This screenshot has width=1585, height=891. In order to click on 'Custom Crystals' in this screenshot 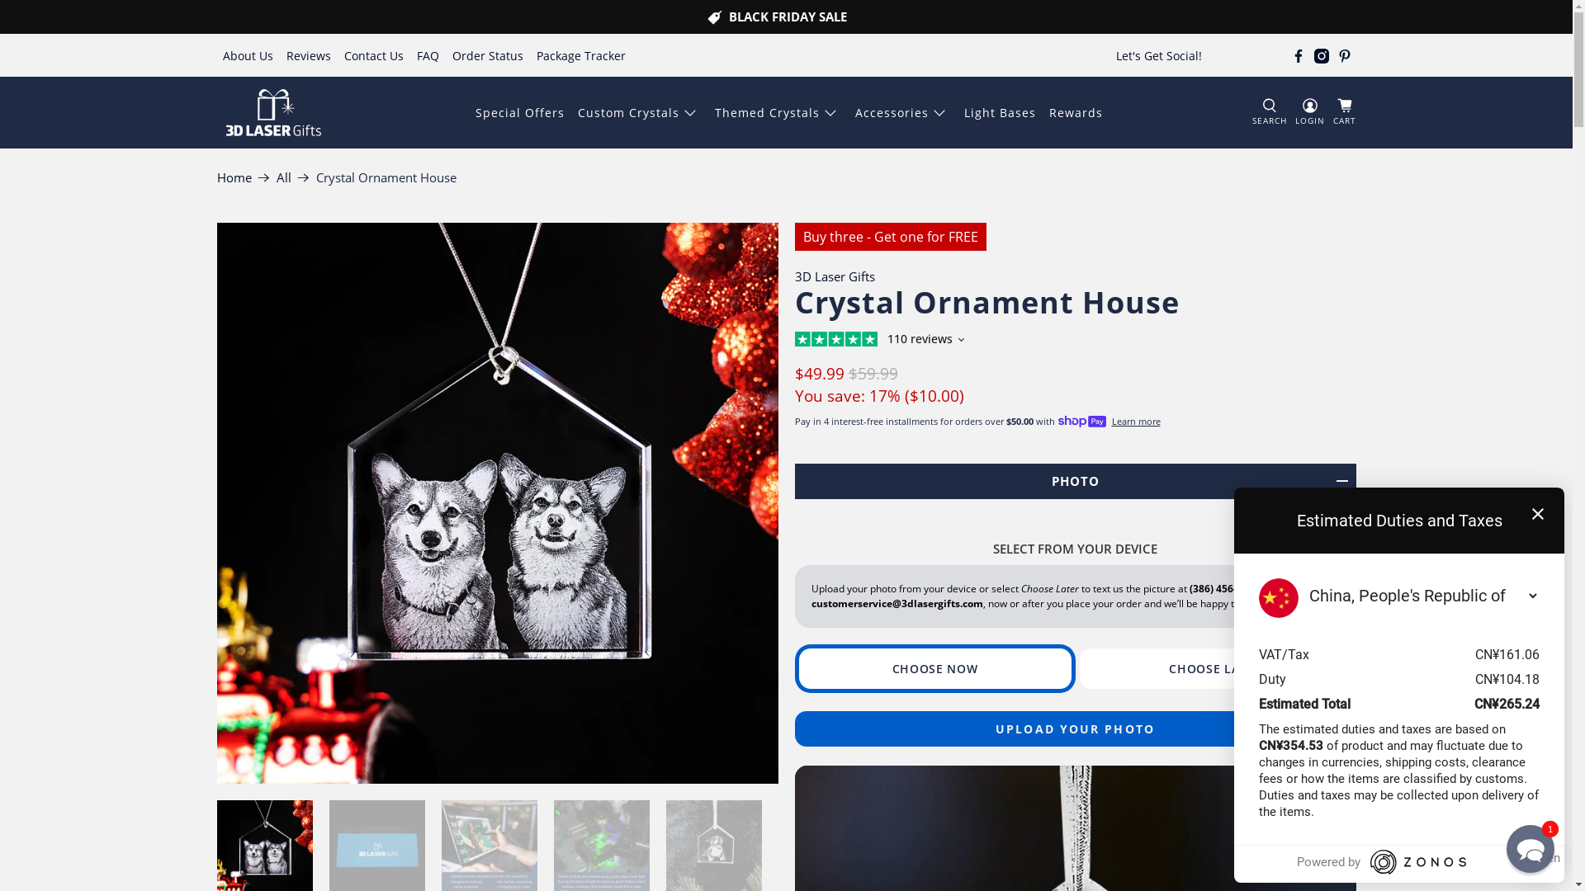, I will do `click(638, 111)`.